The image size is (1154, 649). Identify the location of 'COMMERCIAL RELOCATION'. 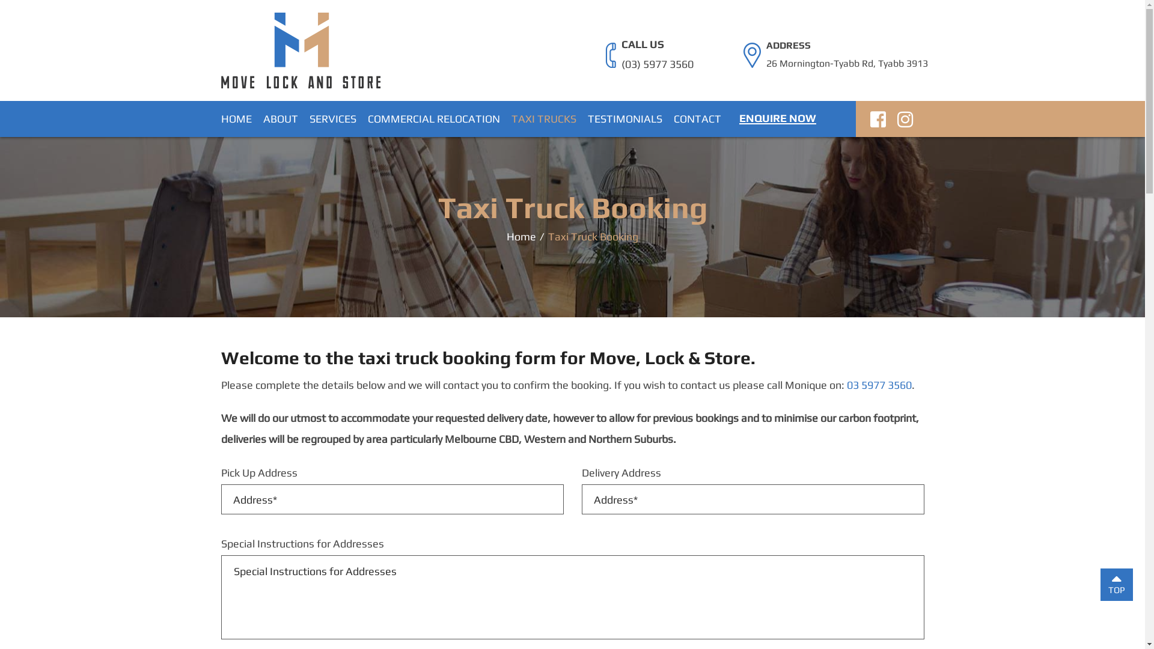
(367, 118).